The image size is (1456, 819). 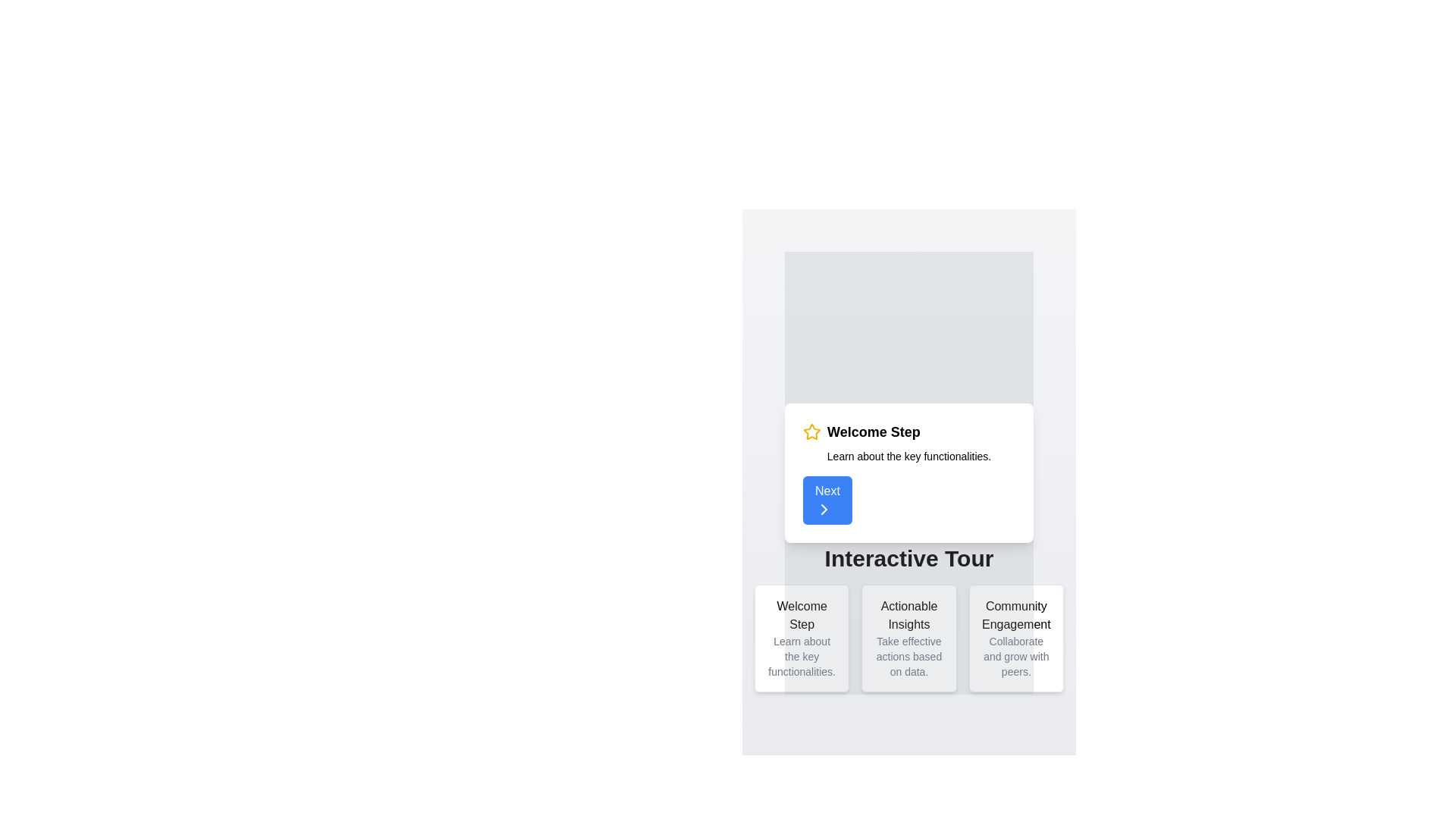 I want to click on the rightward-pointing chevron icon within the blue 'Next' button, so click(x=823, y=509).